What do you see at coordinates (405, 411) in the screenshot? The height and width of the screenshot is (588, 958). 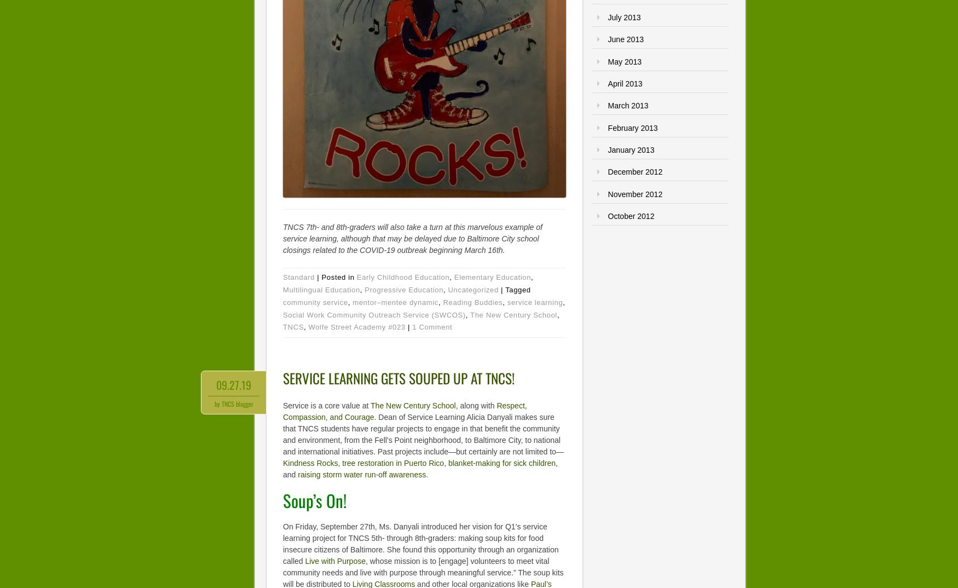 I see `'Respect, Compassion, and Courage'` at bounding box center [405, 411].